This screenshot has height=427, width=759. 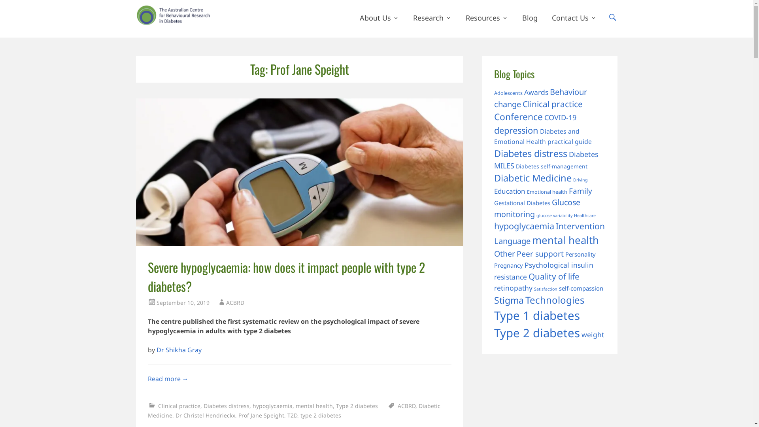 I want to click on 'Glucose monitoring', so click(x=493, y=208).